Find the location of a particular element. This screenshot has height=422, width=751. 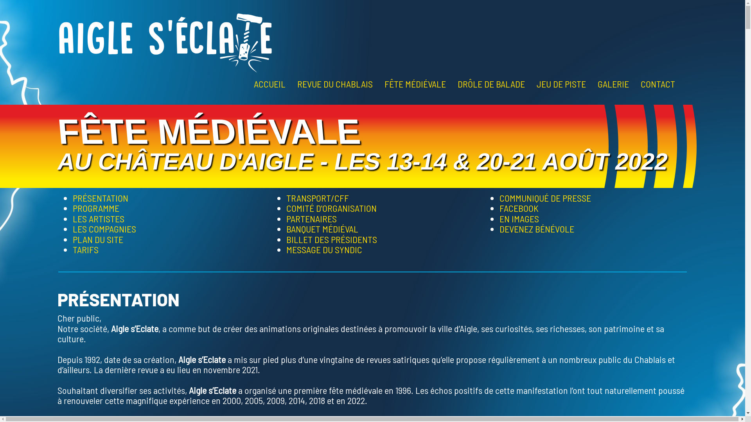

'LES COMPAGNIES' is located at coordinates (104, 229).